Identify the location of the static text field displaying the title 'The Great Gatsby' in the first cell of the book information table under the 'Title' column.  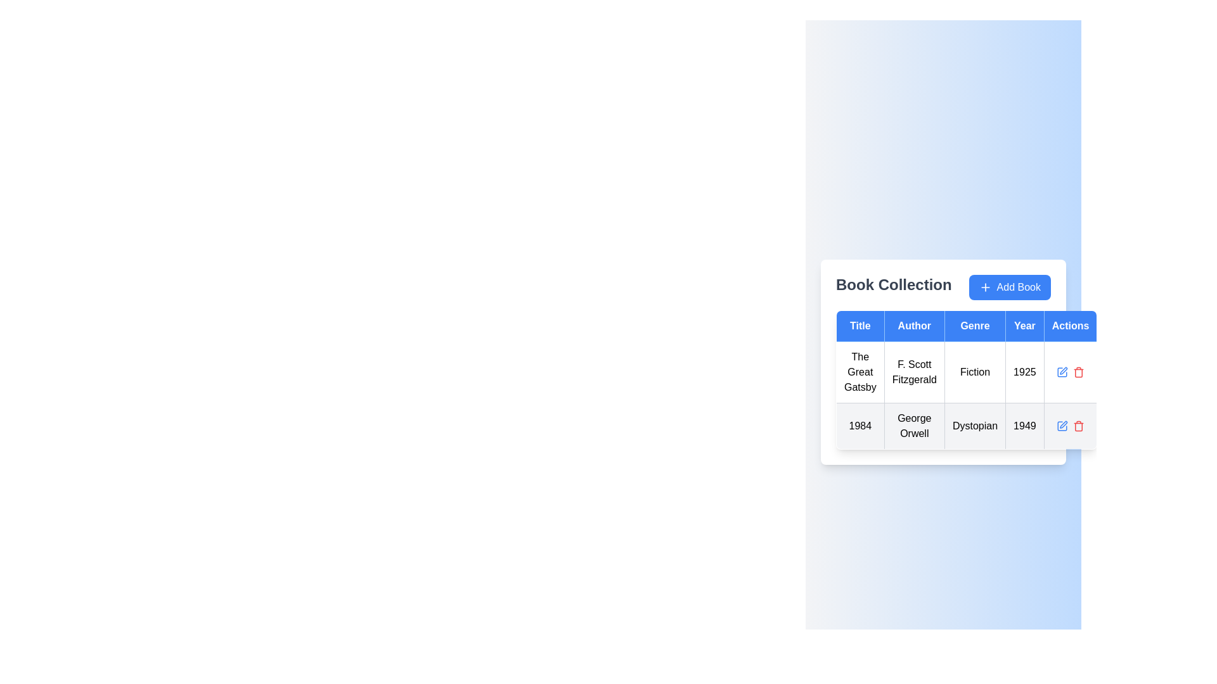
(860, 371).